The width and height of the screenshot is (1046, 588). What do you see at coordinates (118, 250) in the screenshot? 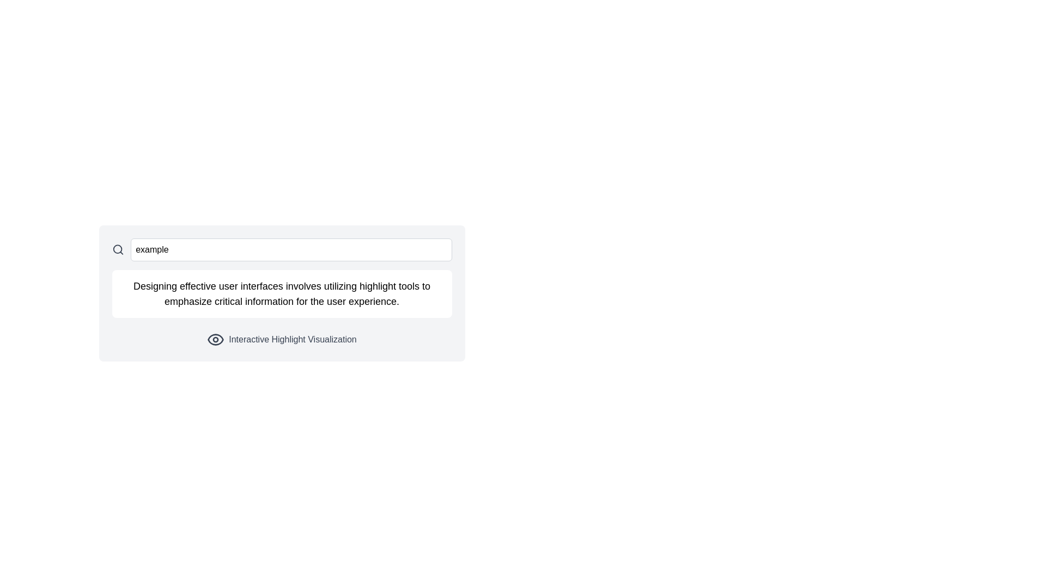
I see `the search icon located at the leftmost side of the search bar` at bounding box center [118, 250].